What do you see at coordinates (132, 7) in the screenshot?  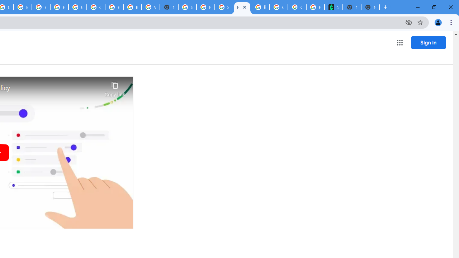 I see `'Browse Chrome as a guest - Computer - Google Chrome Help'` at bounding box center [132, 7].